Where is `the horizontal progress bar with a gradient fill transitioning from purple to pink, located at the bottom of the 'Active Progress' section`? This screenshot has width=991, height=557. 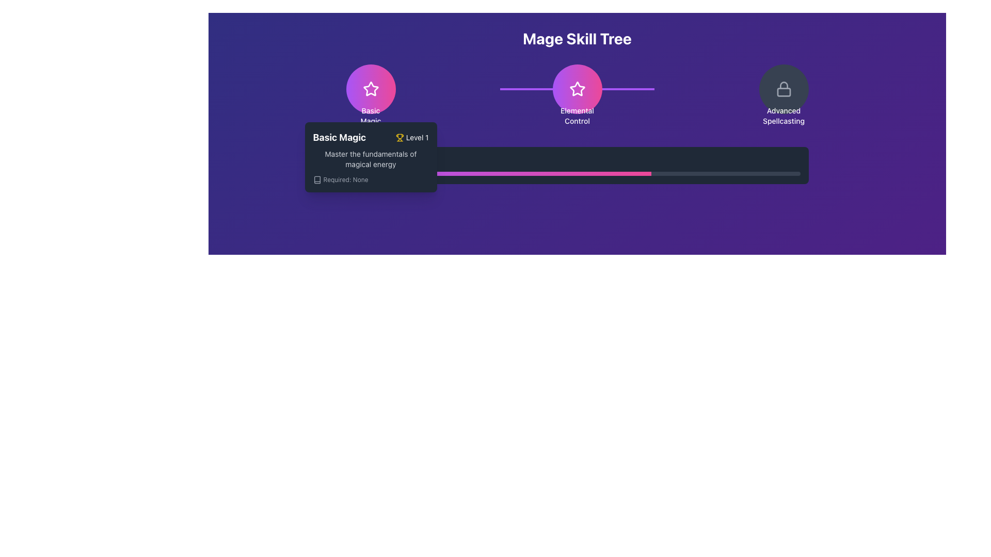
the horizontal progress bar with a gradient fill transitioning from purple to pink, located at the bottom of the 'Active Progress' section is located at coordinates (577, 165).